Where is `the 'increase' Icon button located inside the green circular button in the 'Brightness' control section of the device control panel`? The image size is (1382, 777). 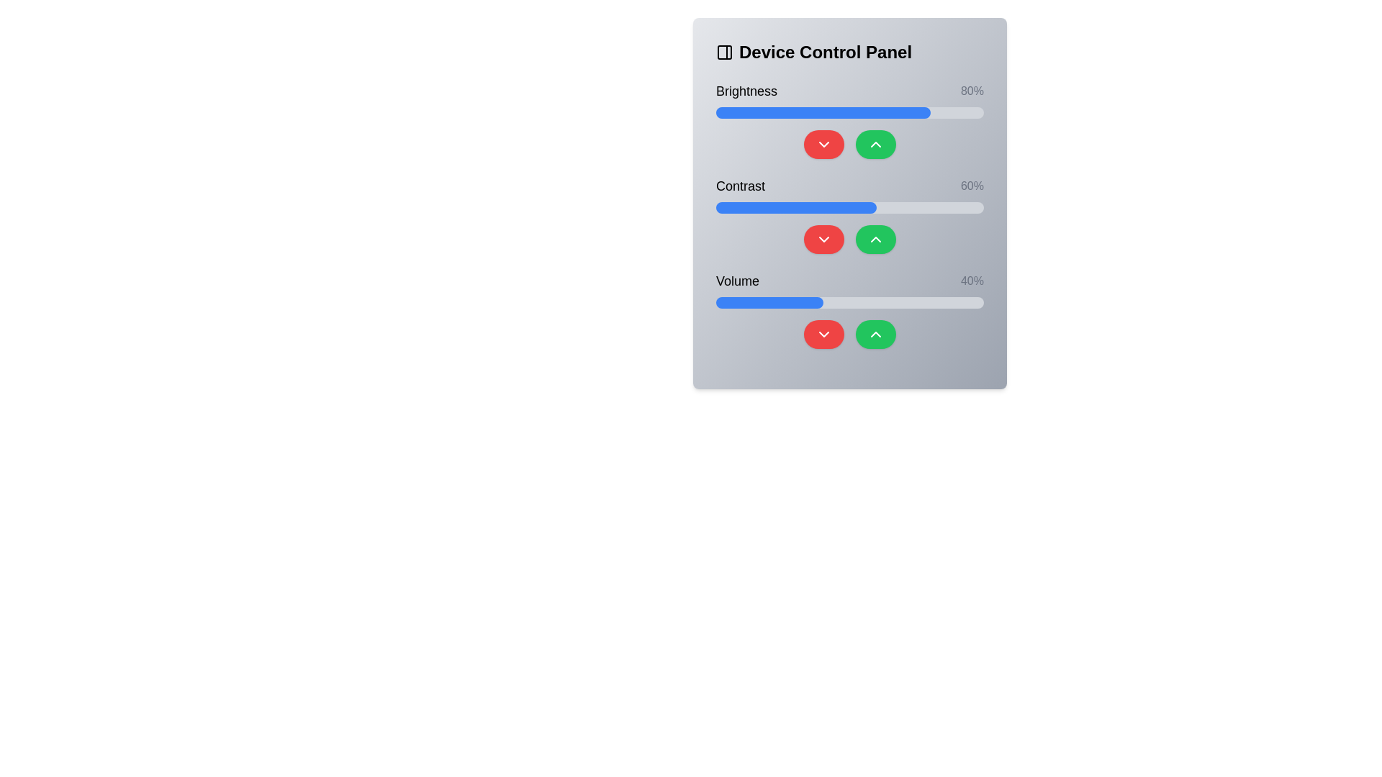 the 'increase' Icon button located inside the green circular button in the 'Brightness' control section of the device control panel is located at coordinates (875, 144).